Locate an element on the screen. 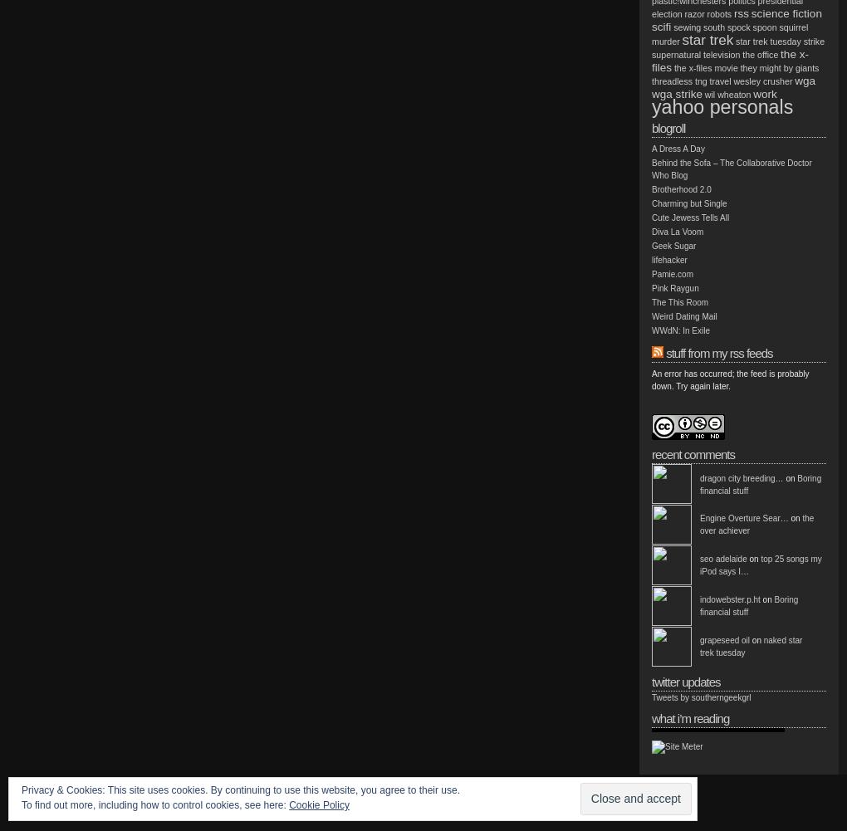 The height and width of the screenshot is (831, 847). 'What I’m Reading' is located at coordinates (650, 718).